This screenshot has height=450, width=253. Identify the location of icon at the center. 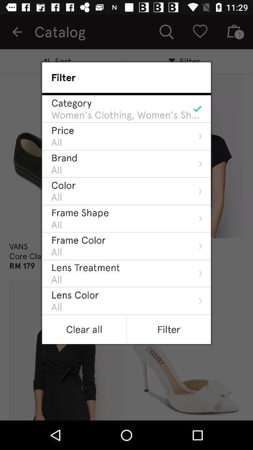
(85, 267).